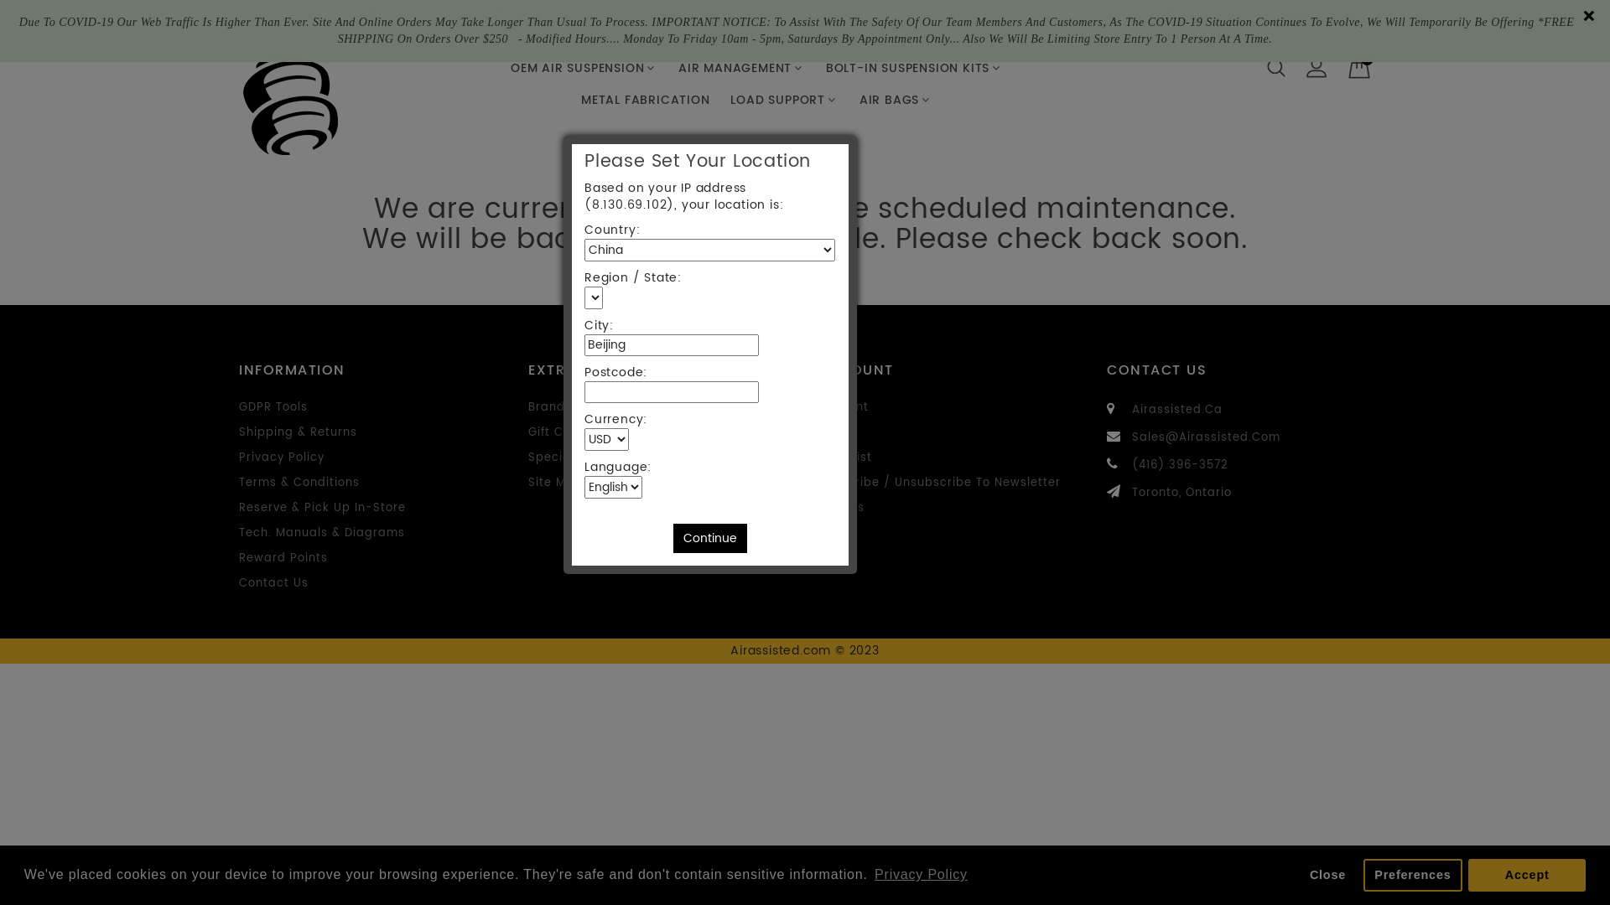 This screenshot has width=1610, height=905. What do you see at coordinates (322, 533) in the screenshot?
I see `'Tech. Manuals & Diagrams'` at bounding box center [322, 533].